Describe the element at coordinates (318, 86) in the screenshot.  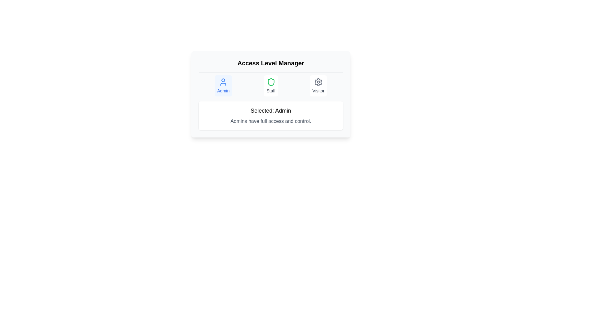
I see `the 'Visitor' role selection button, which is the third button in a group of three horizontally aligned buttons located to the far right` at that location.